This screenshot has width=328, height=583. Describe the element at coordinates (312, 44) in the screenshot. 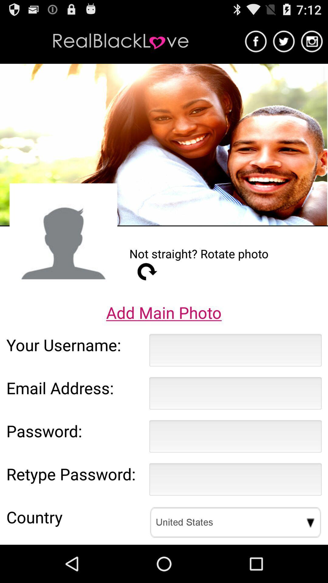

I see `the photo icon` at that location.